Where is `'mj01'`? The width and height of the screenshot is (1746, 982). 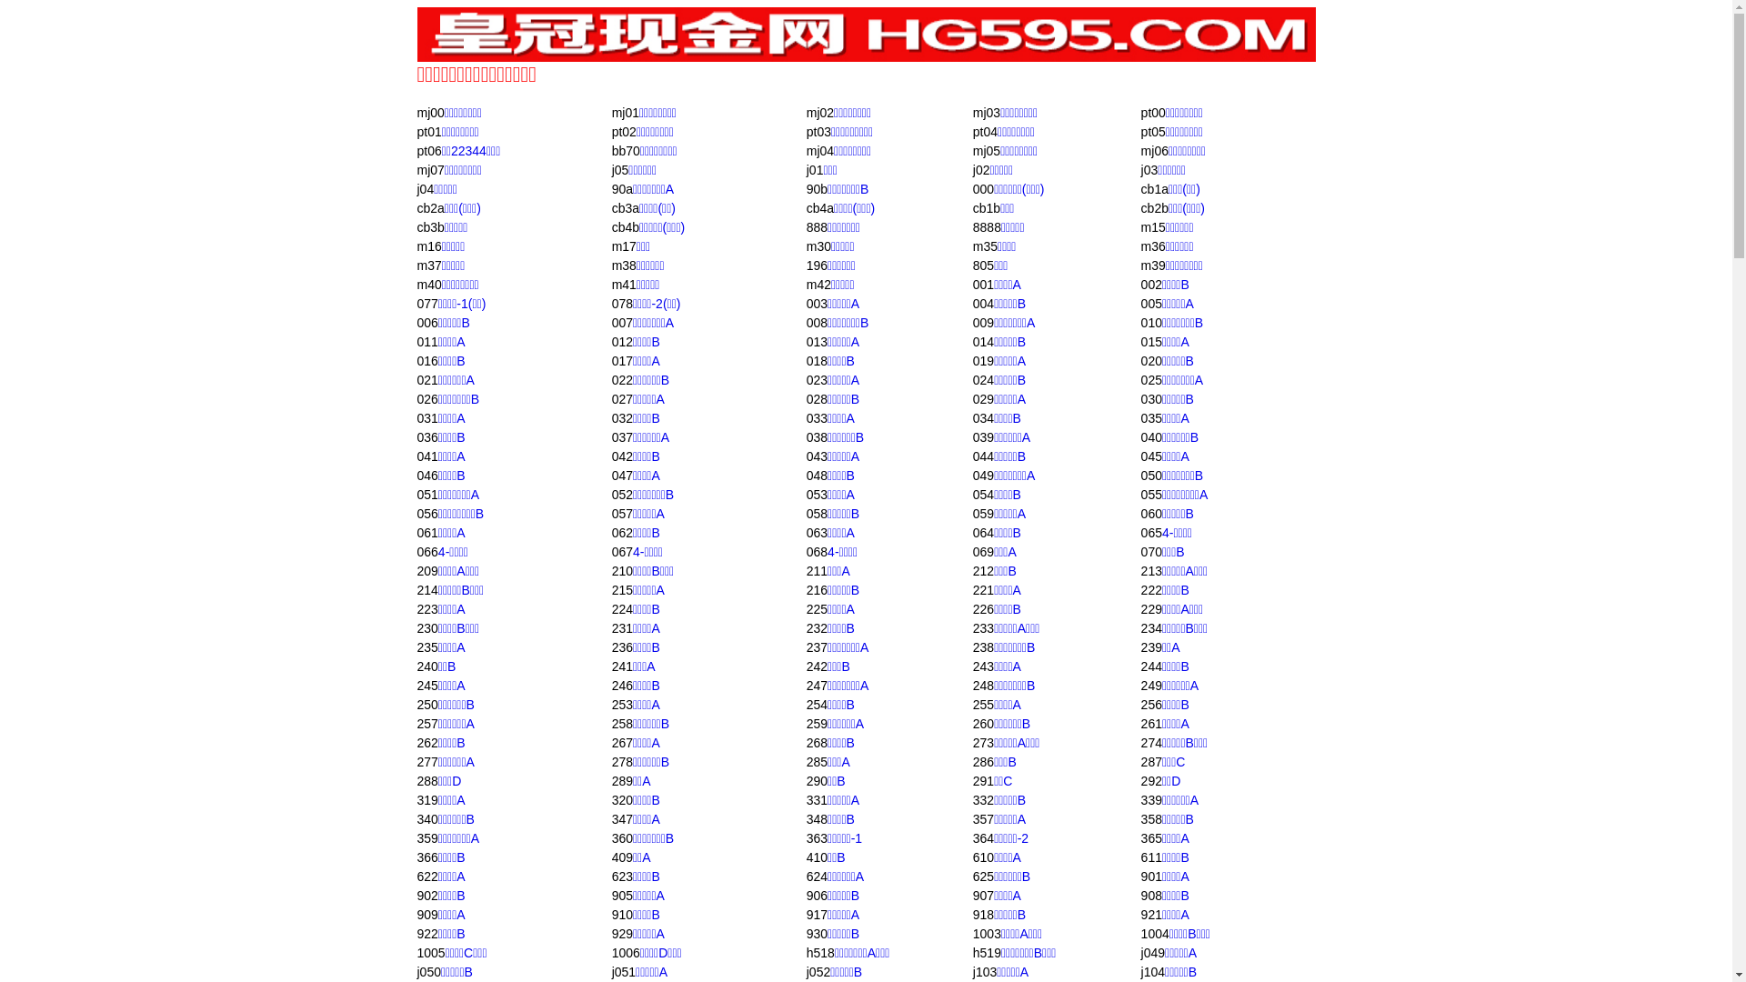 'mj01' is located at coordinates (625, 112).